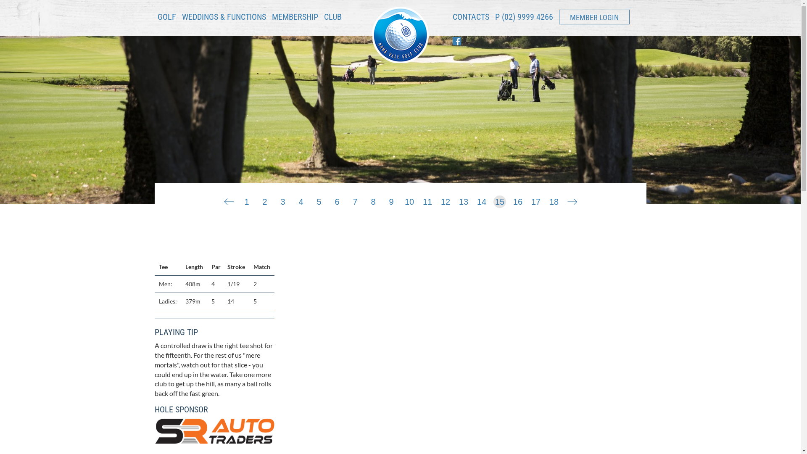  What do you see at coordinates (391, 200) in the screenshot?
I see `'9'` at bounding box center [391, 200].